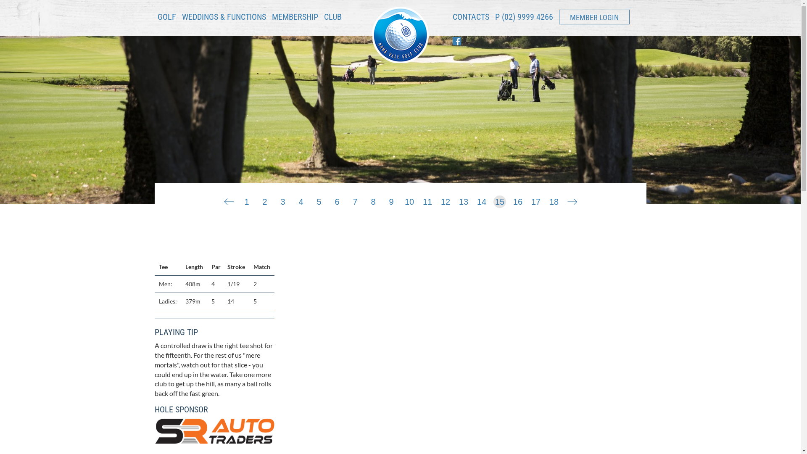  What do you see at coordinates (391, 200) in the screenshot?
I see `'9'` at bounding box center [391, 200].